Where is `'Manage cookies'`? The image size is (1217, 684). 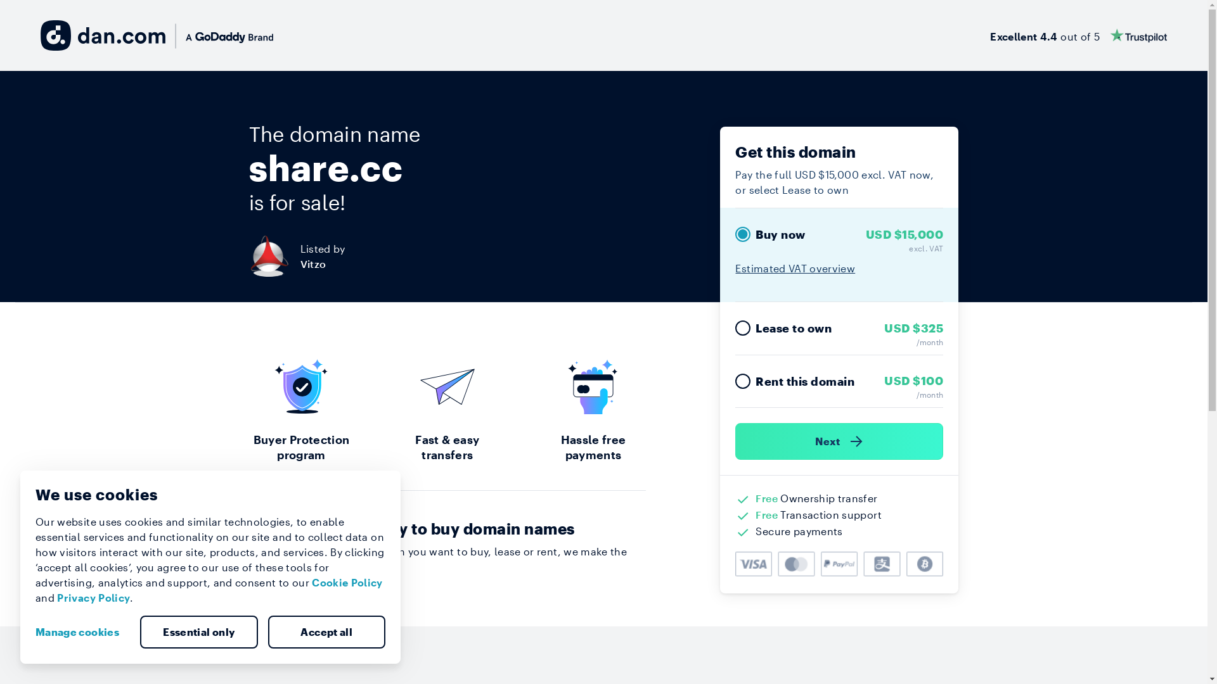 'Manage cookies' is located at coordinates (81, 632).